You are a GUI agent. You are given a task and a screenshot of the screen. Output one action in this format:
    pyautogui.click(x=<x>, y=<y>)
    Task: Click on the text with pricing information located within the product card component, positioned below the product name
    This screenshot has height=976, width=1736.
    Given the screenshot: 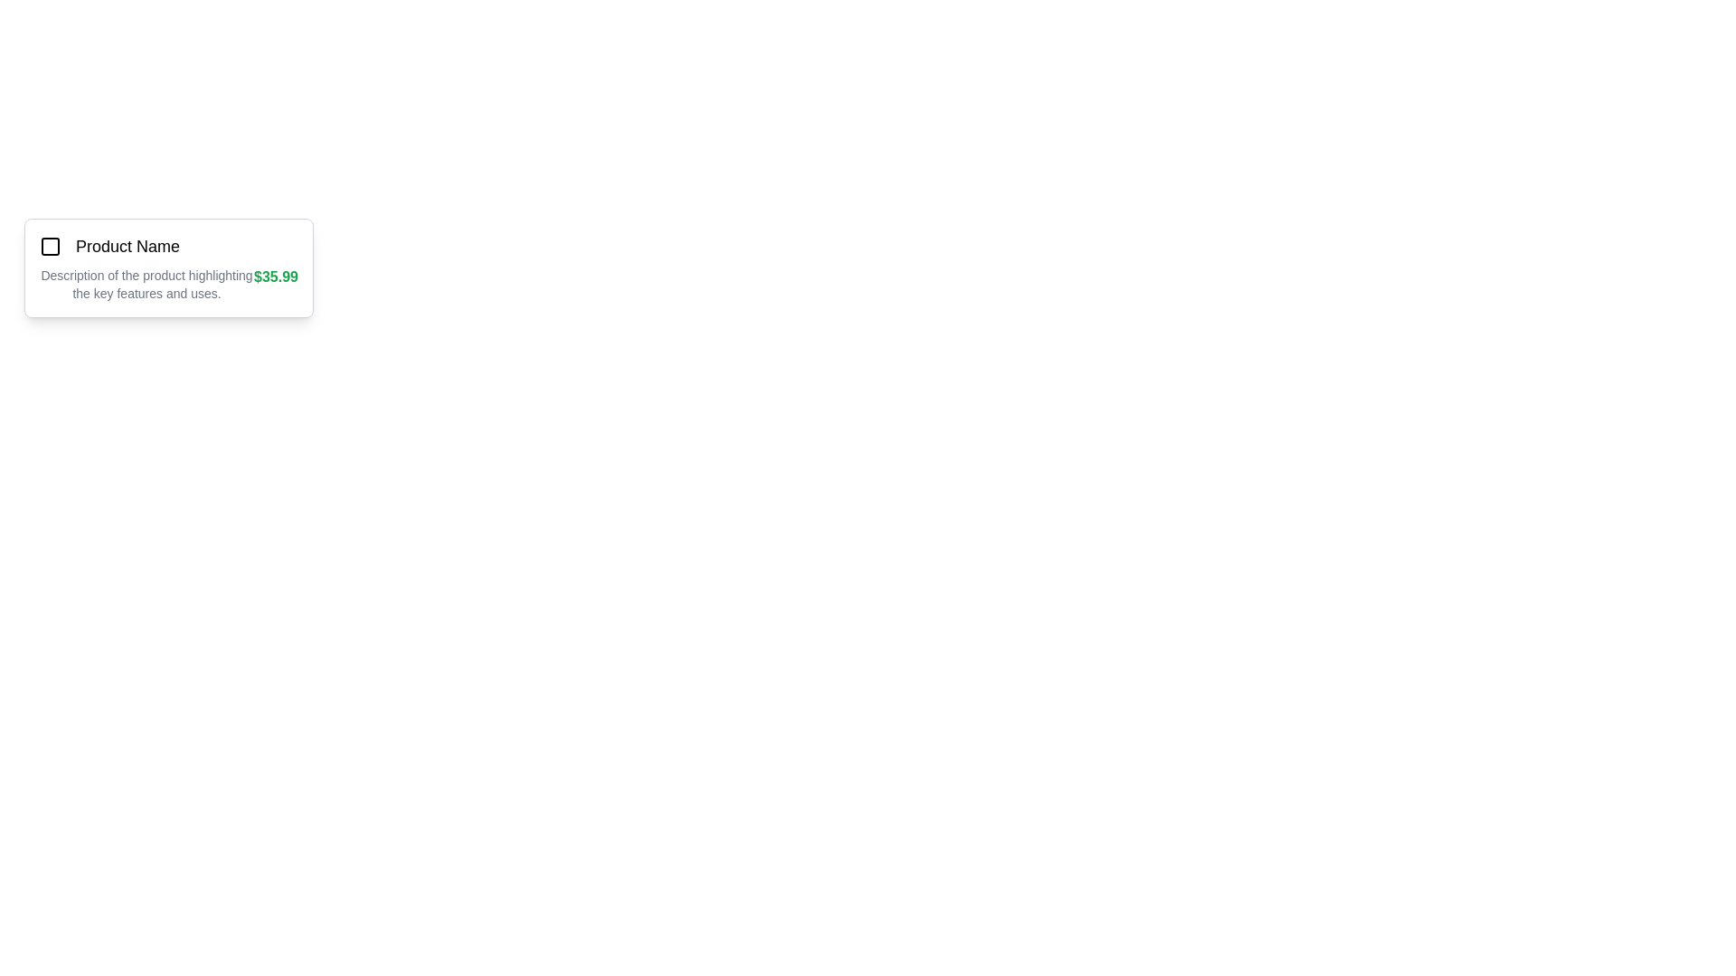 What is the action you would take?
    pyautogui.click(x=169, y=285)
    